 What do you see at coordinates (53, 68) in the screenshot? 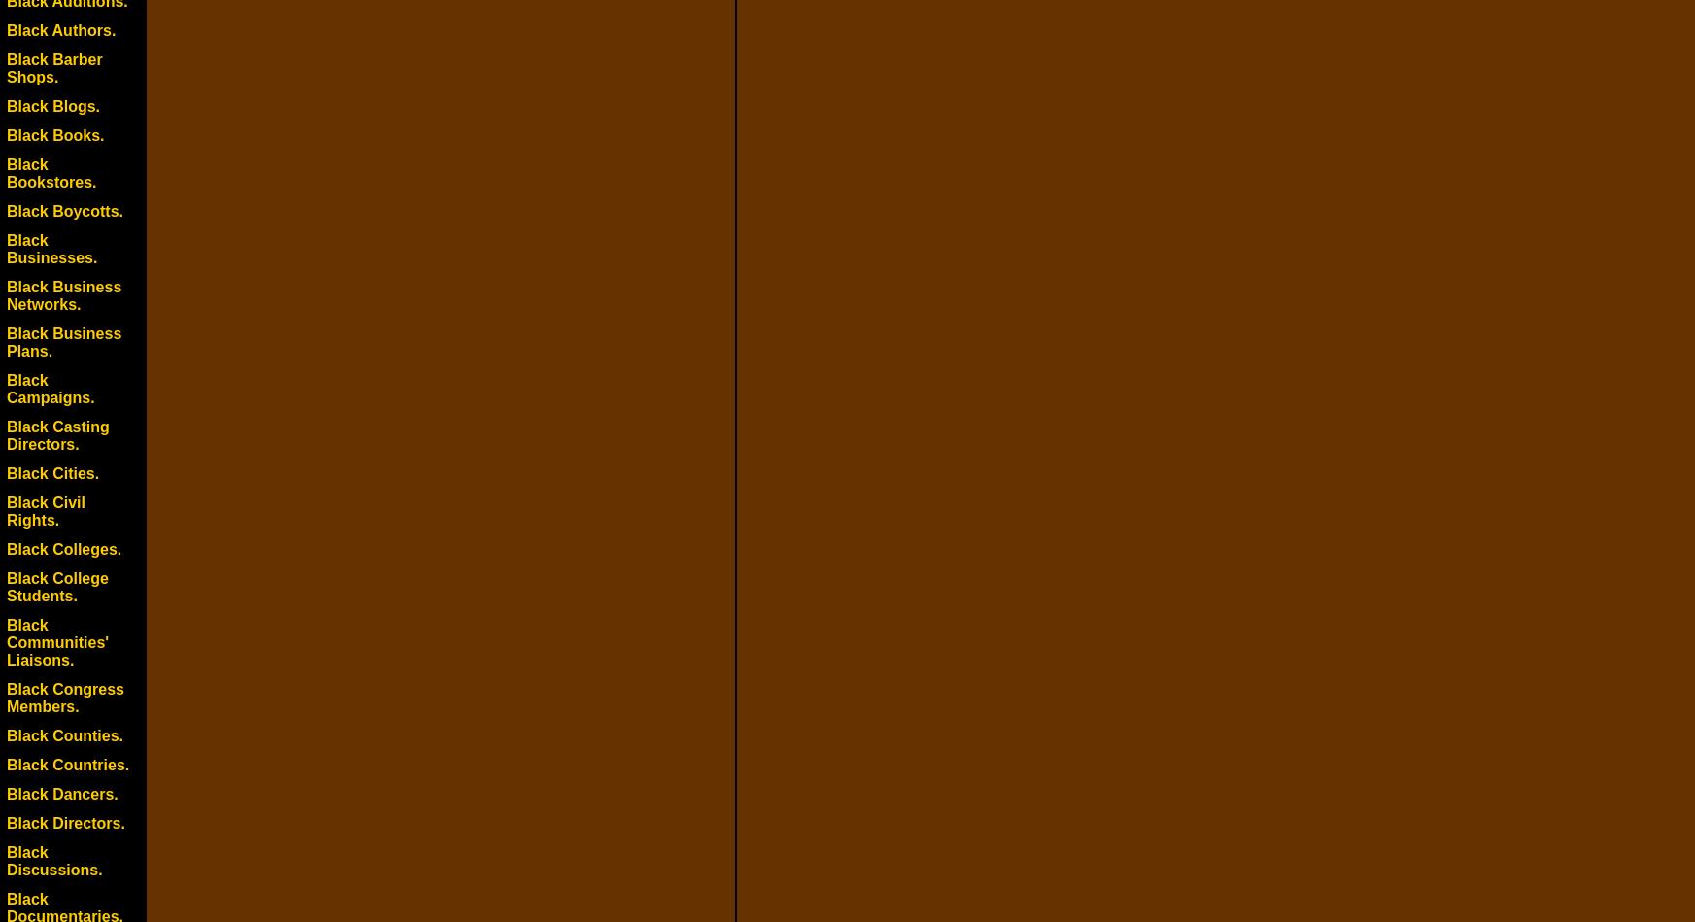
I see `'Black Barber Shops.'` at bounding box center [53, 68].